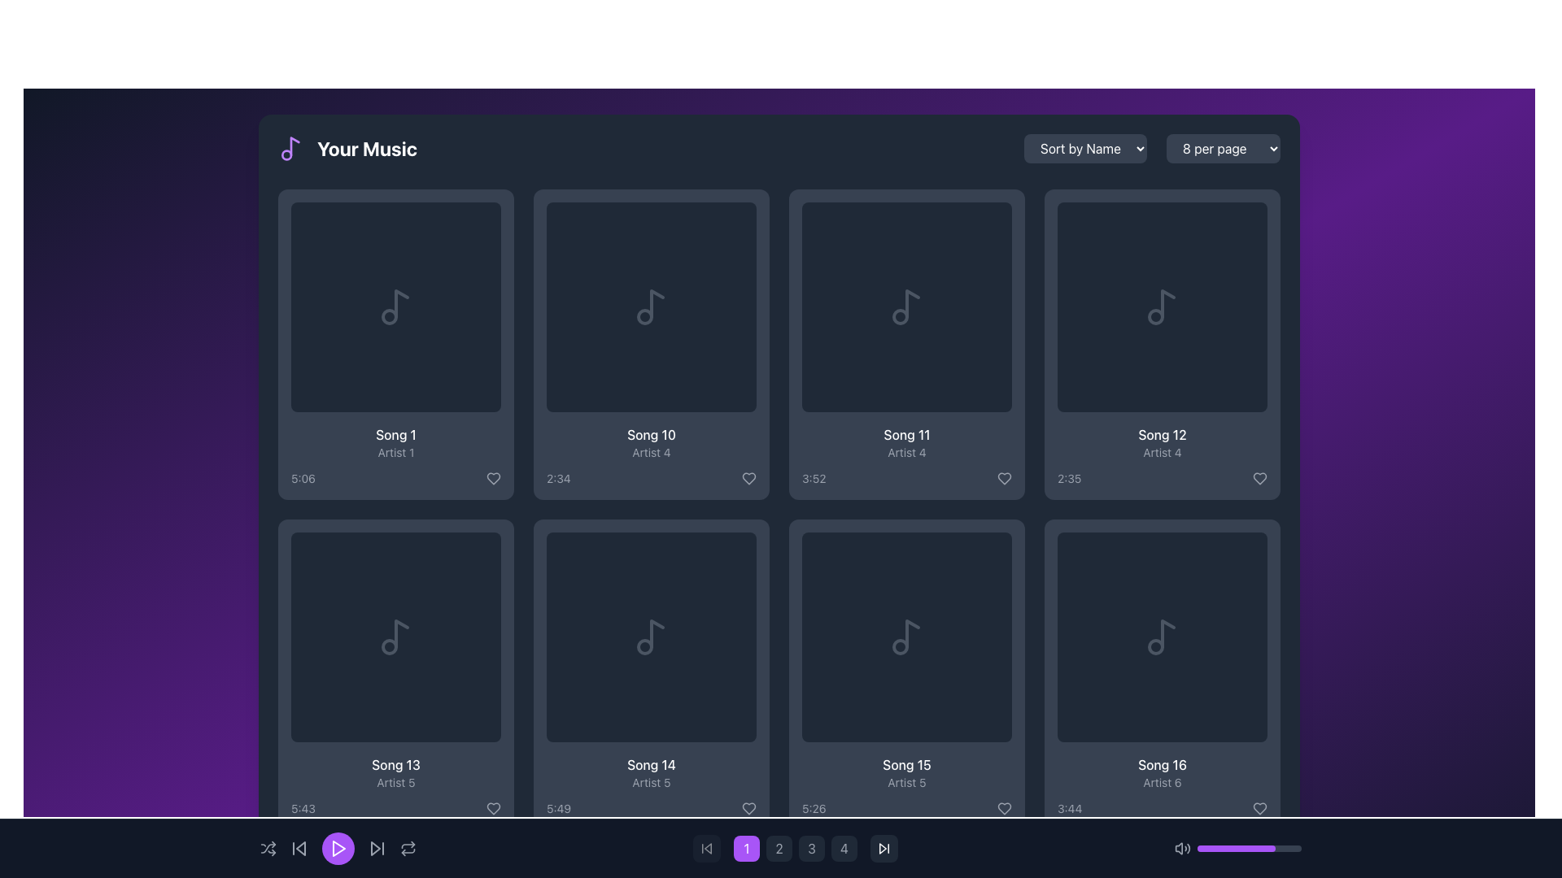 The height and width of the screenshot is (878, 1562). I want to click on the music track card displaying the title, artist, and duration, located, so click(1162, 674).